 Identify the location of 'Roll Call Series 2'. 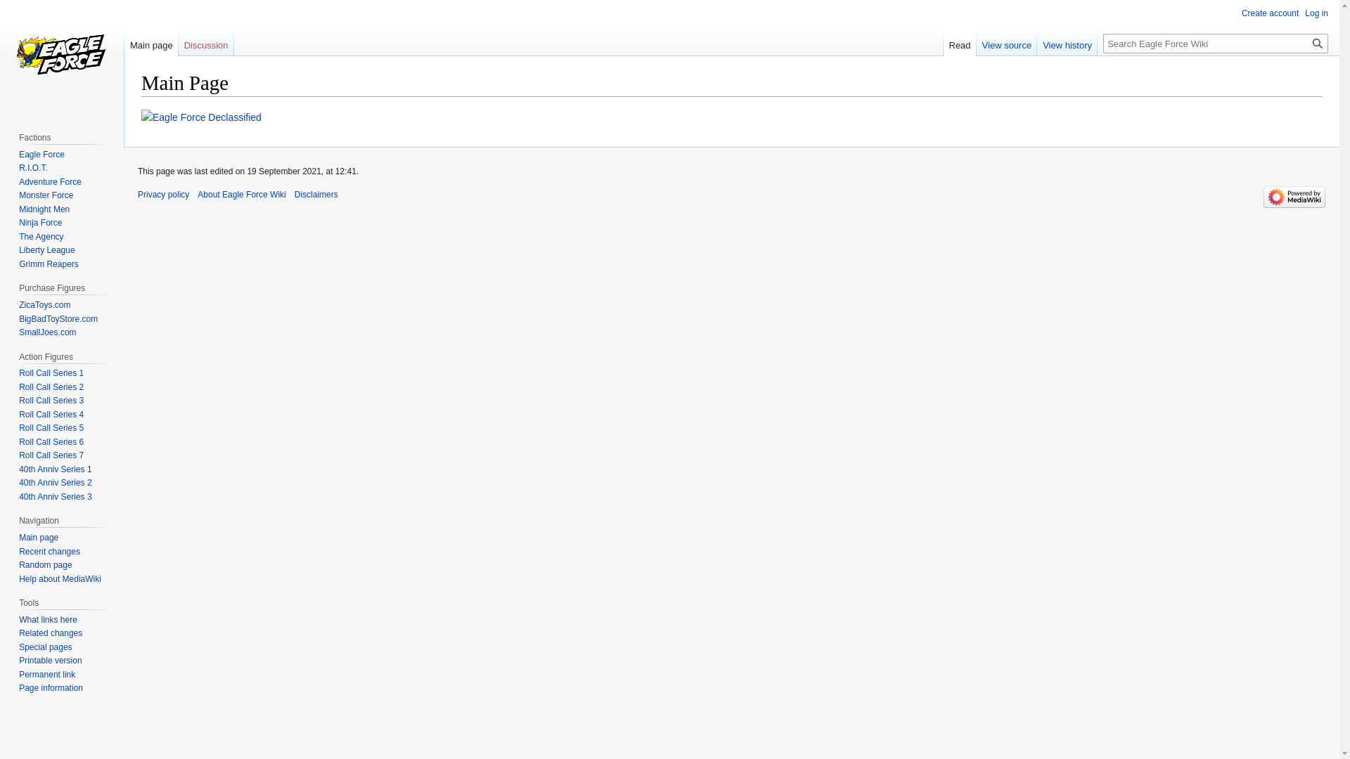
(51, 387).